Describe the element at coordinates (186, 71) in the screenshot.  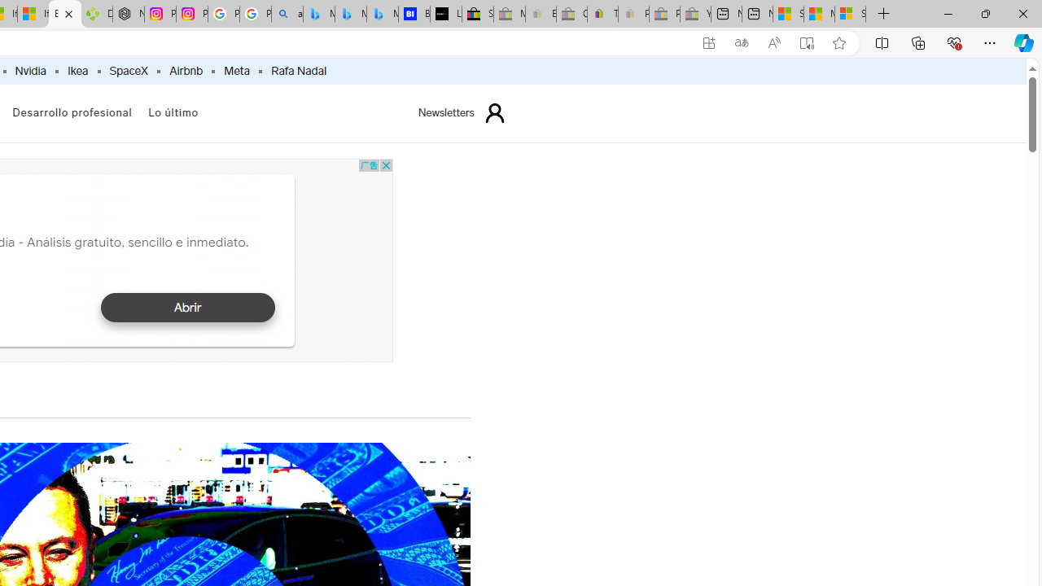
I see `'Airbnb'` at that location.